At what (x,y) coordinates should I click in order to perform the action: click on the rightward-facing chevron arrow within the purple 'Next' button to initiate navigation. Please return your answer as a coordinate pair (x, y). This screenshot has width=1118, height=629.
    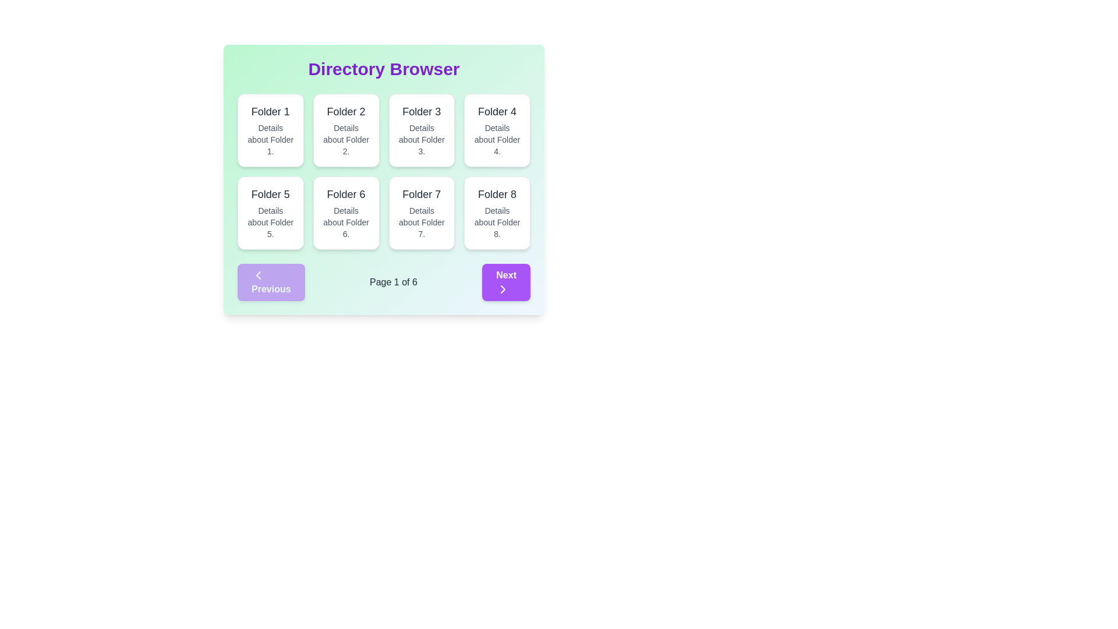
    Looking at the image, I should click on (503, 289).